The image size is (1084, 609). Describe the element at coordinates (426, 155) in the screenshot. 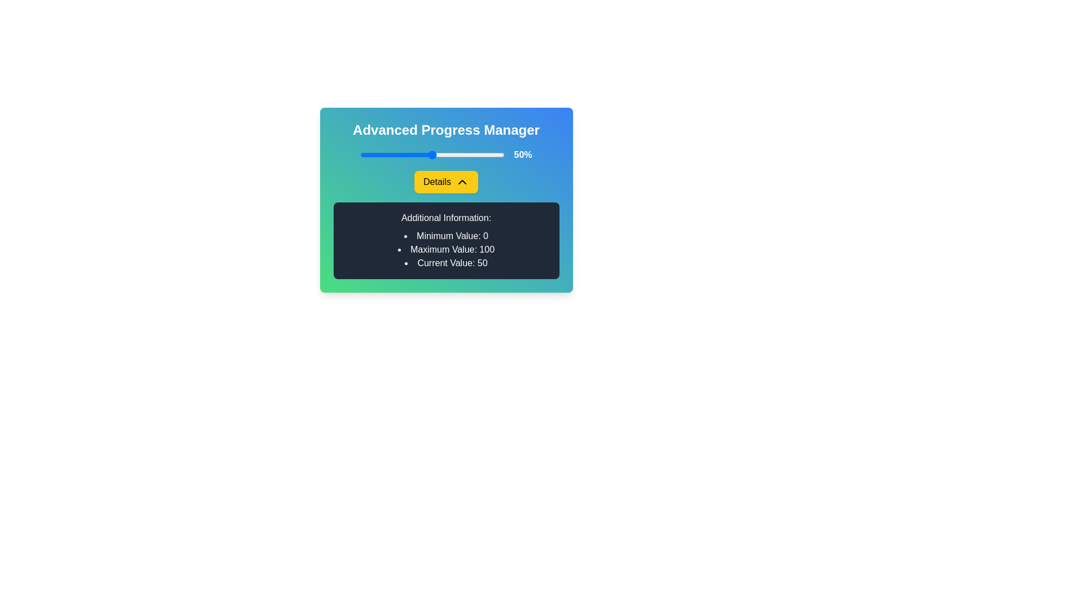

I see `the slider to set the progress to 46%` at that location.